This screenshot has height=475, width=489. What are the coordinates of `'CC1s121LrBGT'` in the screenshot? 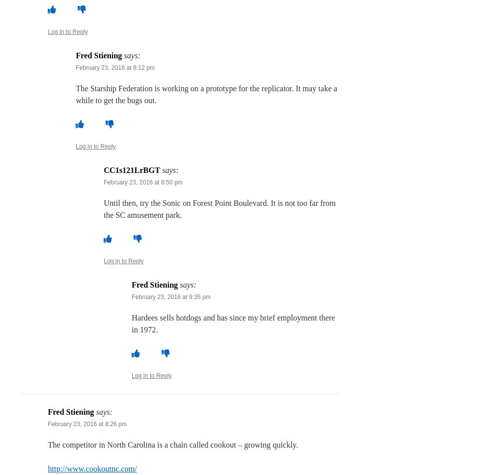 It's located at (132, 169).